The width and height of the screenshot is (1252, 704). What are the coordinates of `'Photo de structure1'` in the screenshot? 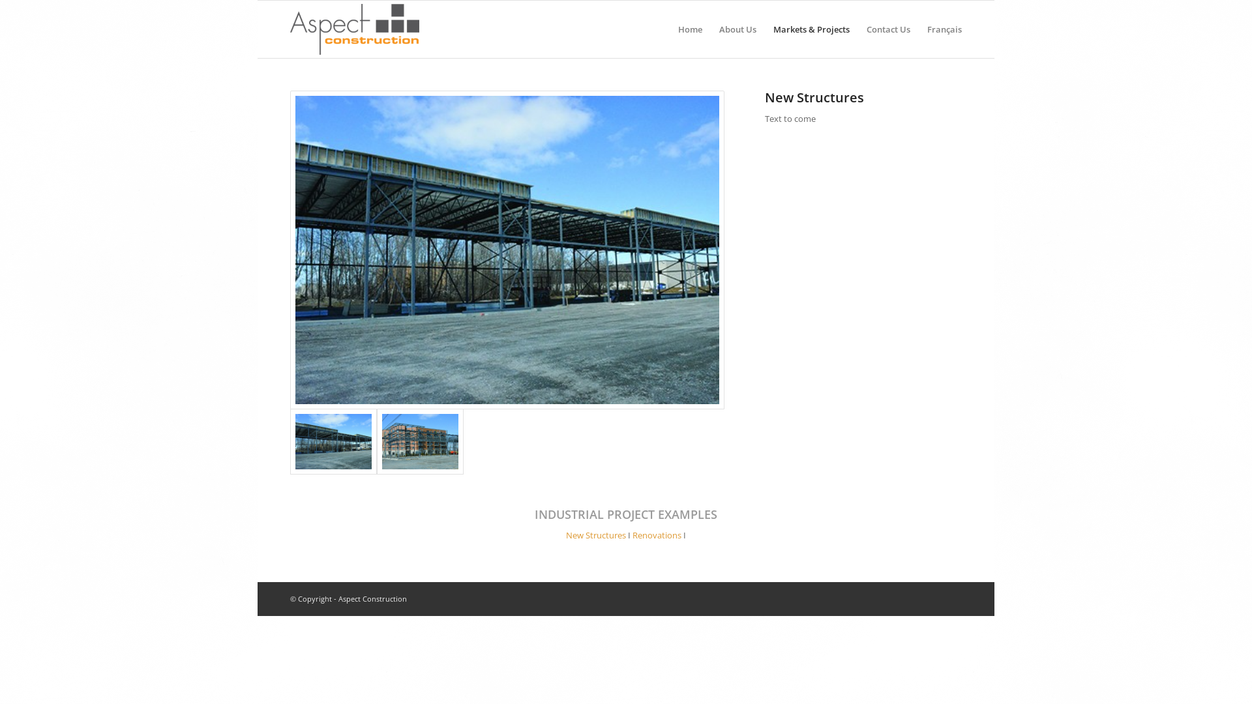 It's located at (290, 441).